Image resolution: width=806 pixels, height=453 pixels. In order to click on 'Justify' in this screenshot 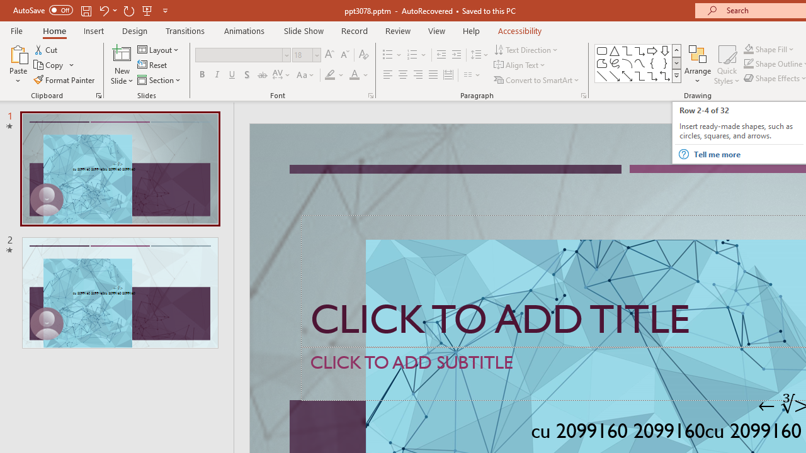, I will do `click(433, 75)`.